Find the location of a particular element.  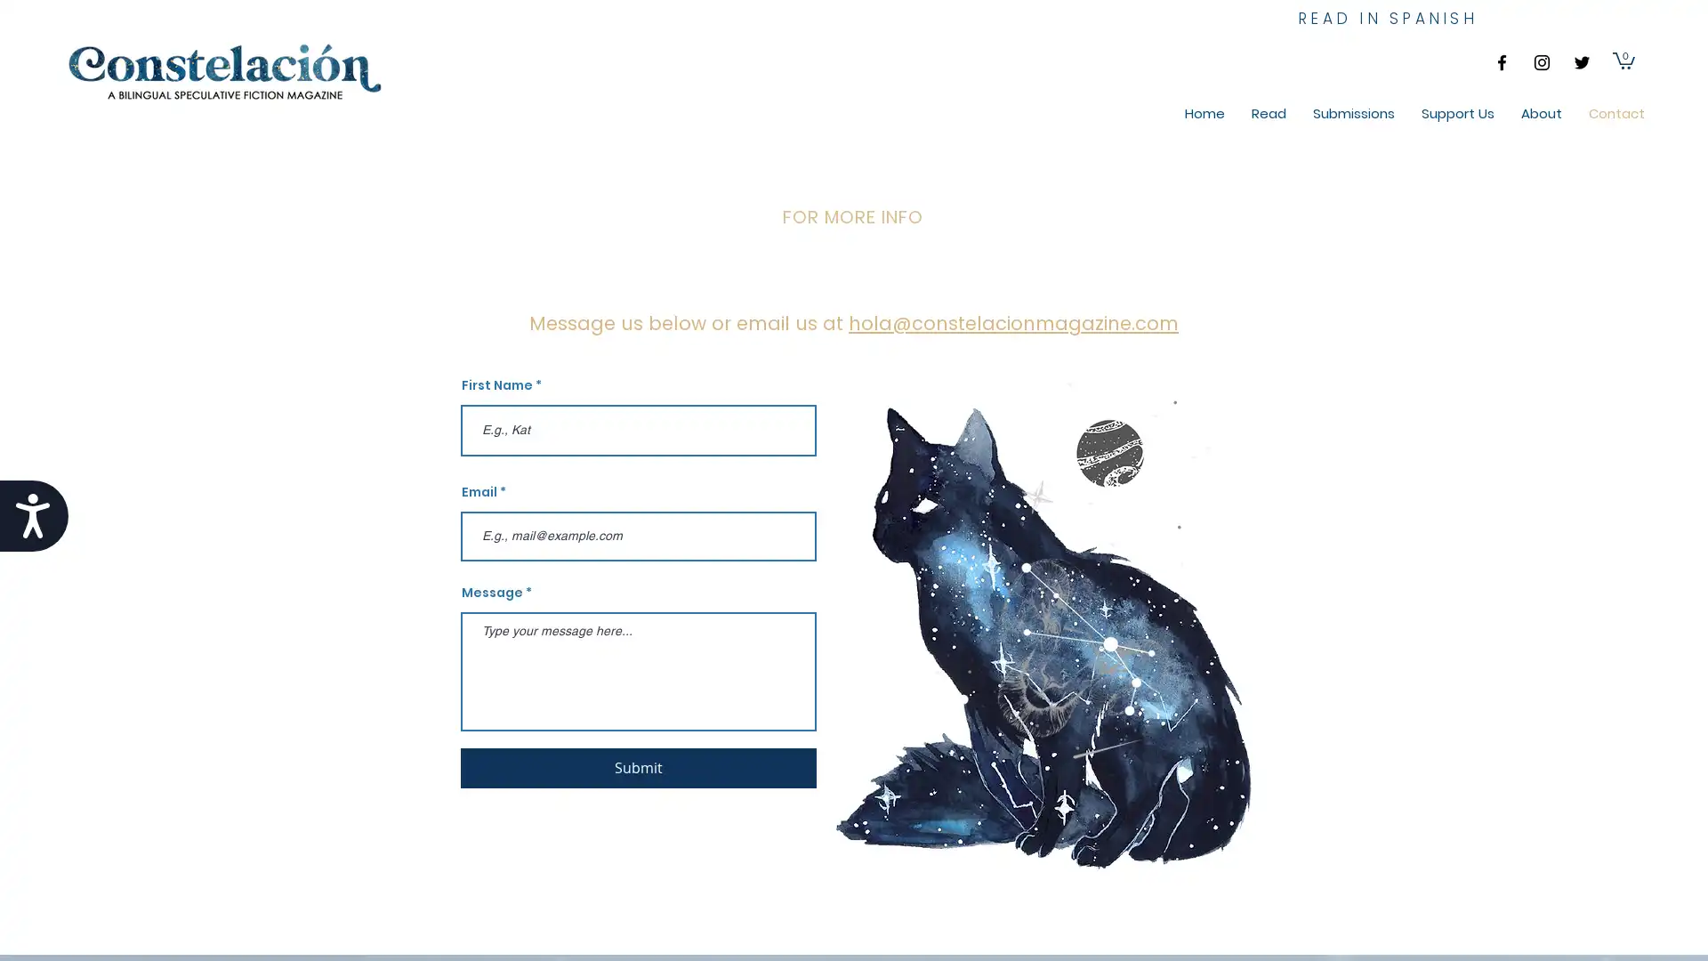

Cookie Settings is located at coordinates (1515, 929).